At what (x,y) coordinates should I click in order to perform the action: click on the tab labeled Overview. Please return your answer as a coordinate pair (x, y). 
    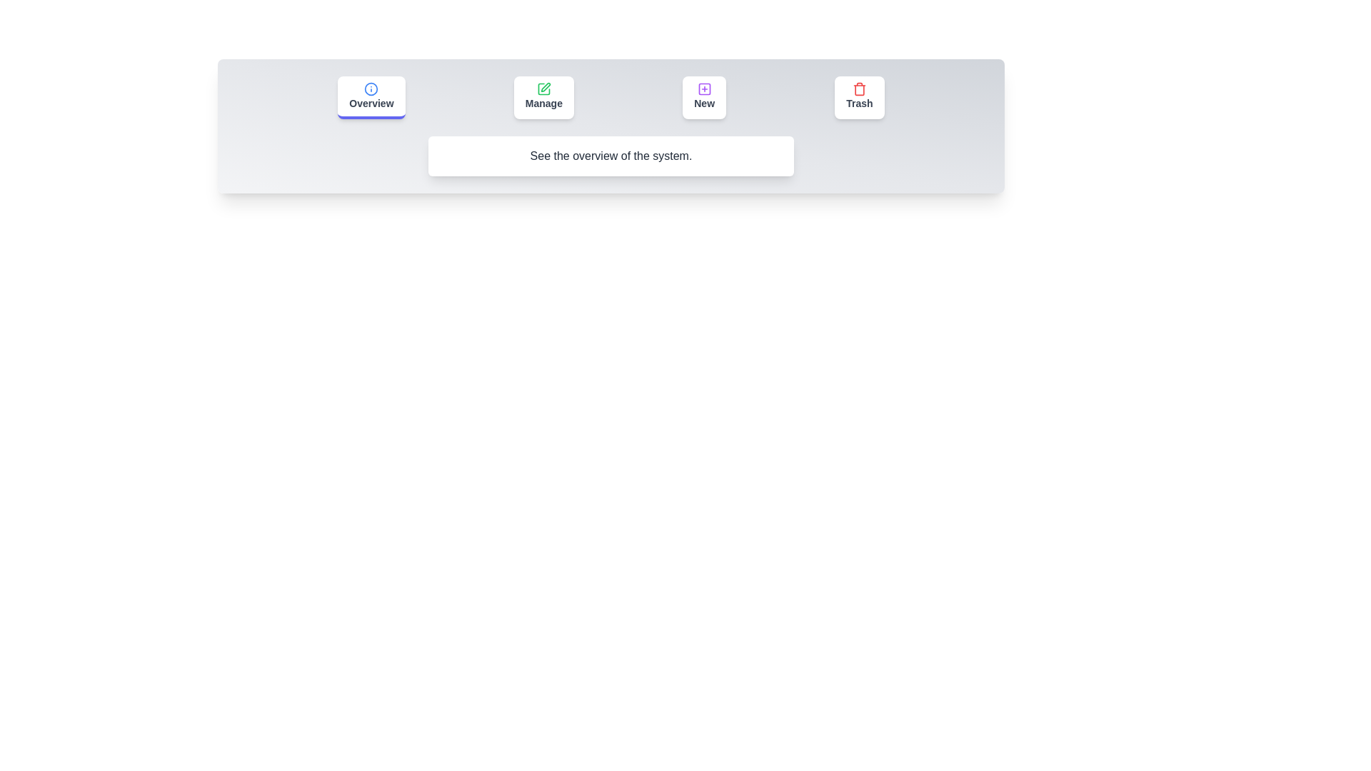
    Looking at the image, I should click on (371, 97).